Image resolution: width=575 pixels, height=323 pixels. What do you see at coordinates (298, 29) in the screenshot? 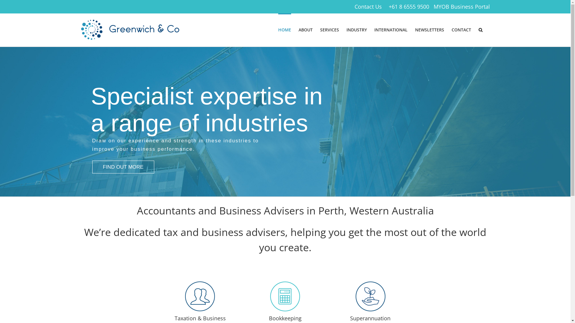
I see `'ABOUT'` at bounding box center [298, 29].